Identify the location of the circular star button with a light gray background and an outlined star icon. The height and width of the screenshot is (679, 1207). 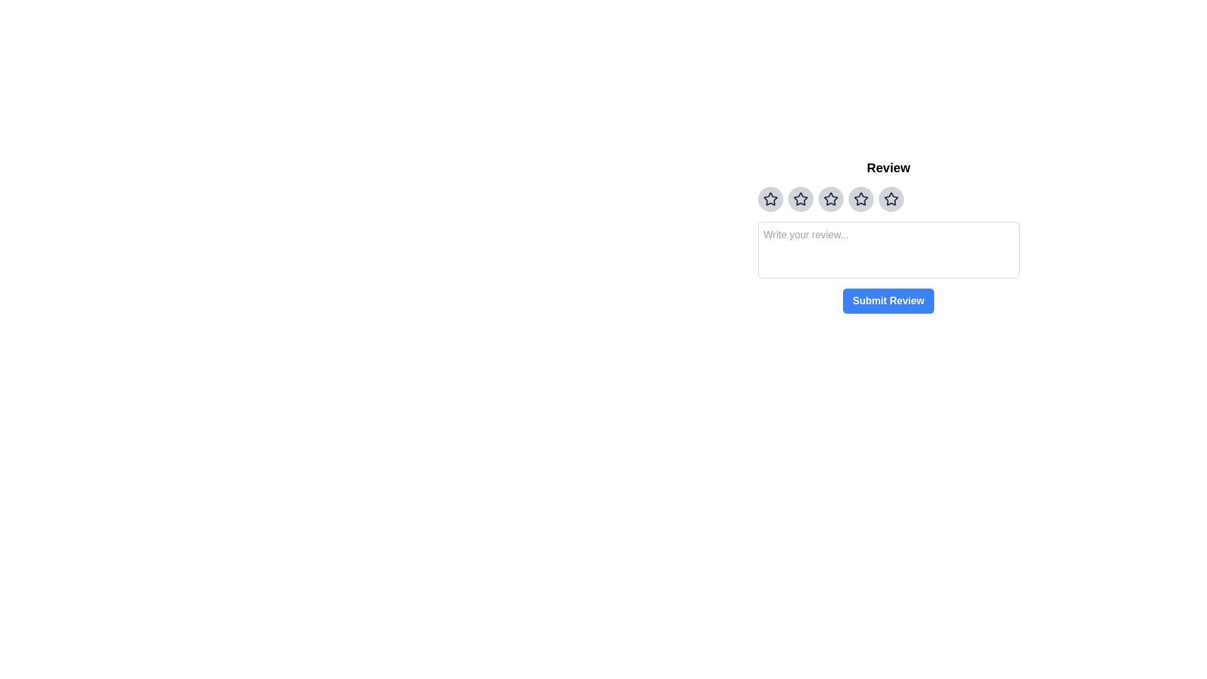
(830, 198).